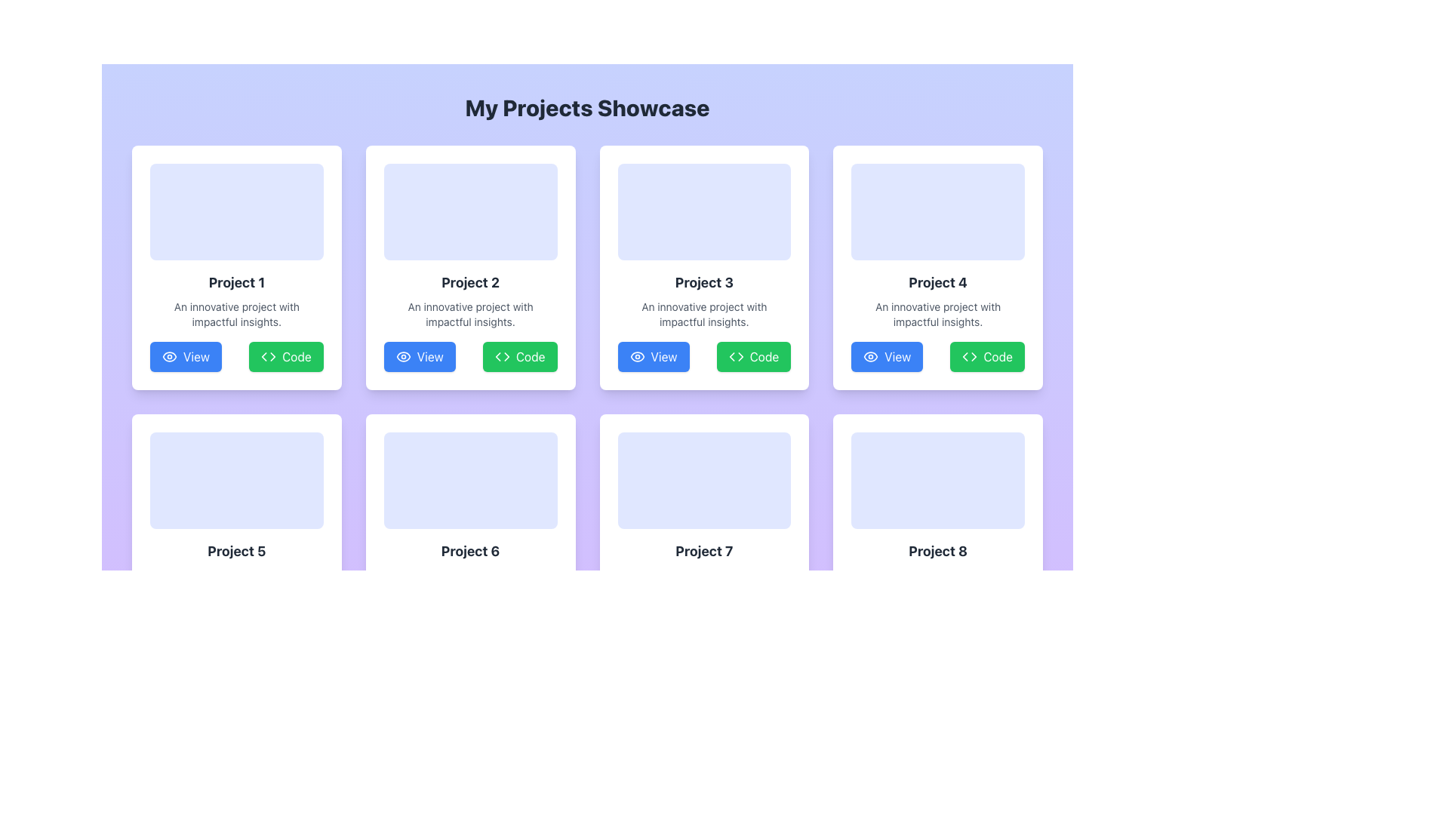 The width and height of the screenshot is (1449, 815). Describe the element at coordinates (637, 357) in the screenshot. I see `the circular eye icon within the 'View' button of the 'Project 3' section` at that location.